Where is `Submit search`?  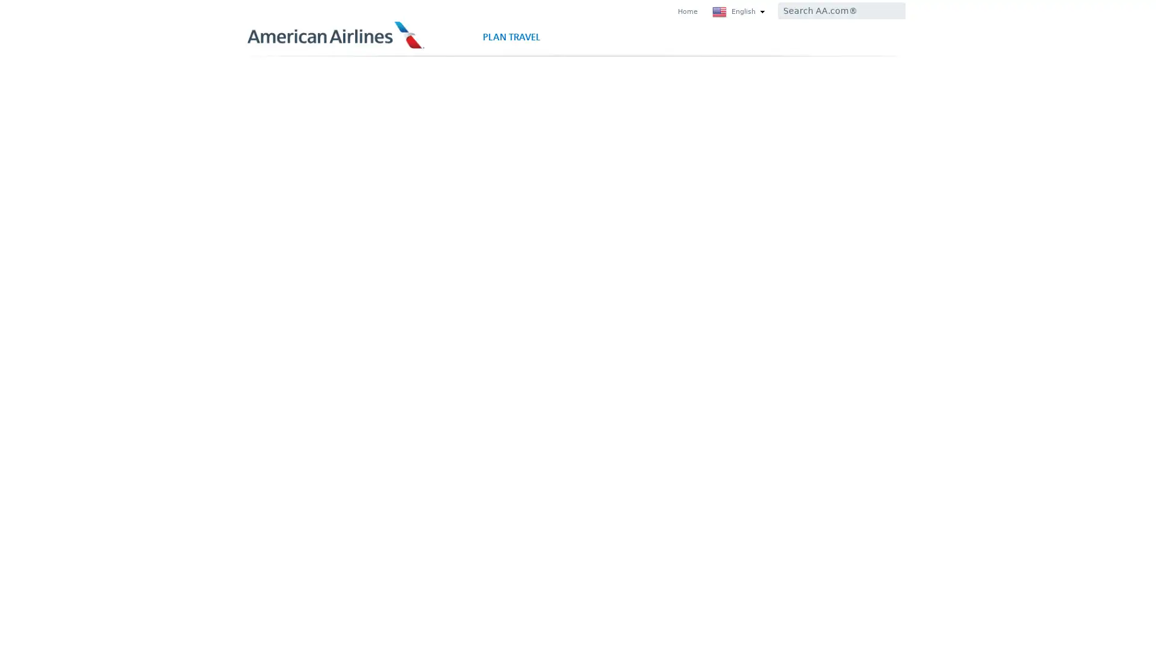
Submit search is located at coordinates (890, 11).